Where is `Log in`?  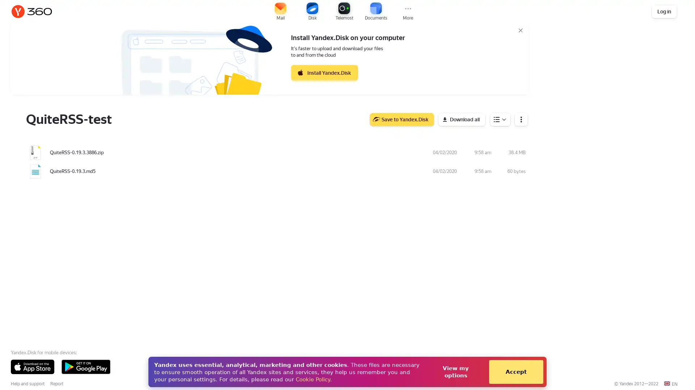
Log in is located at coordinates (664, 11).